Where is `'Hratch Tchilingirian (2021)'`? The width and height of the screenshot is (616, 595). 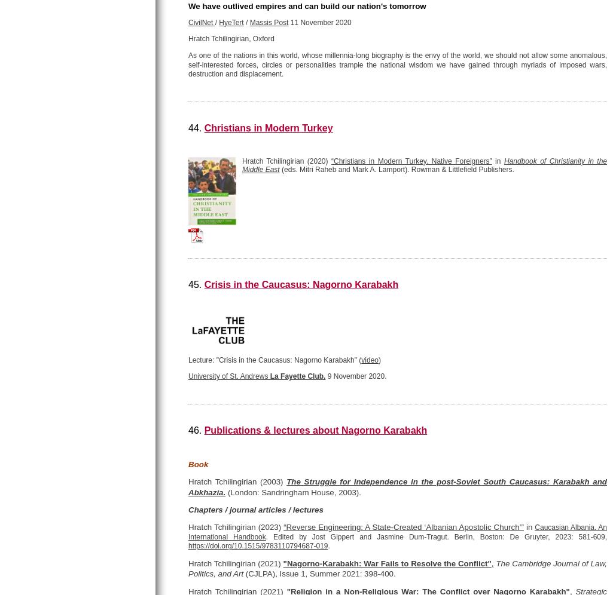 'Hratch Tchilingirian (2021)' is located at coordinates (235, 563).